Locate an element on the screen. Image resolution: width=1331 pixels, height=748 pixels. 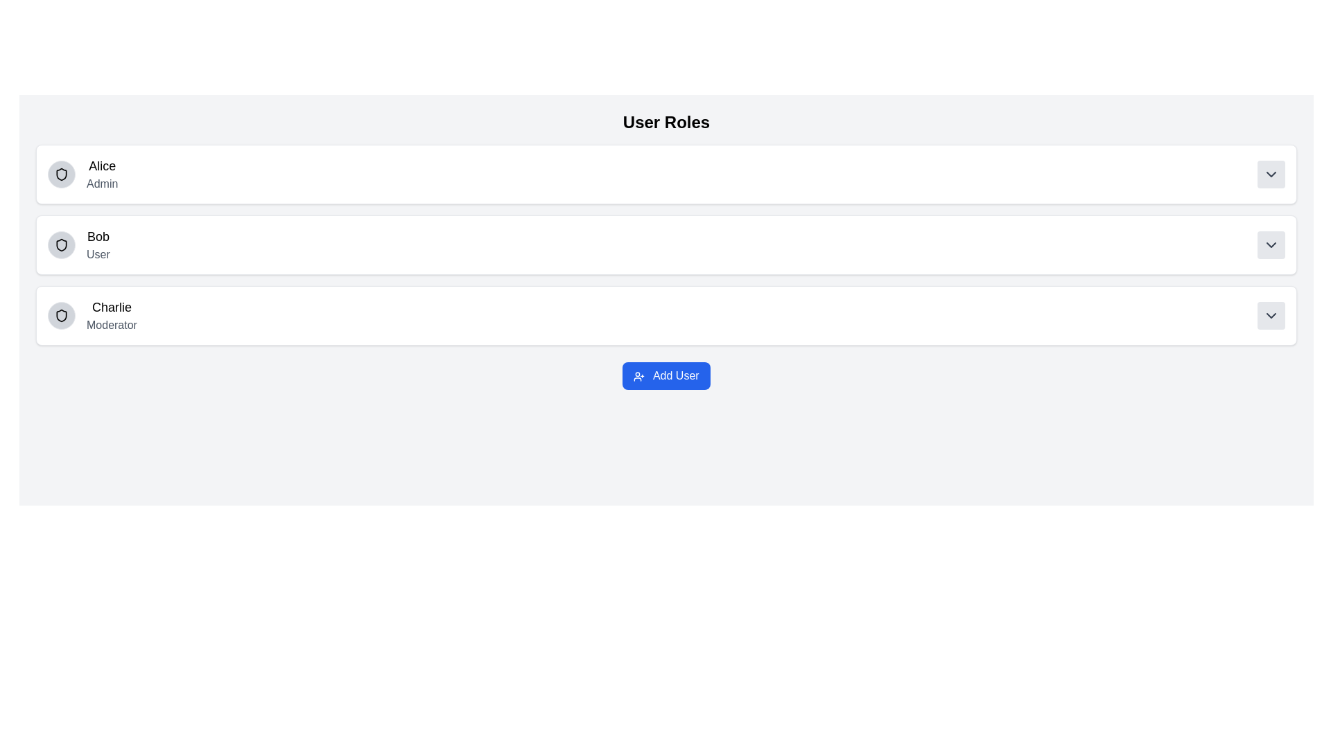
the user role entry for 'Charlie', the 'Moderator', which is located in the third row of the user roles list, positioned between a gray circular icon and a dropdown menu icon is located at coordinates (92, 315).